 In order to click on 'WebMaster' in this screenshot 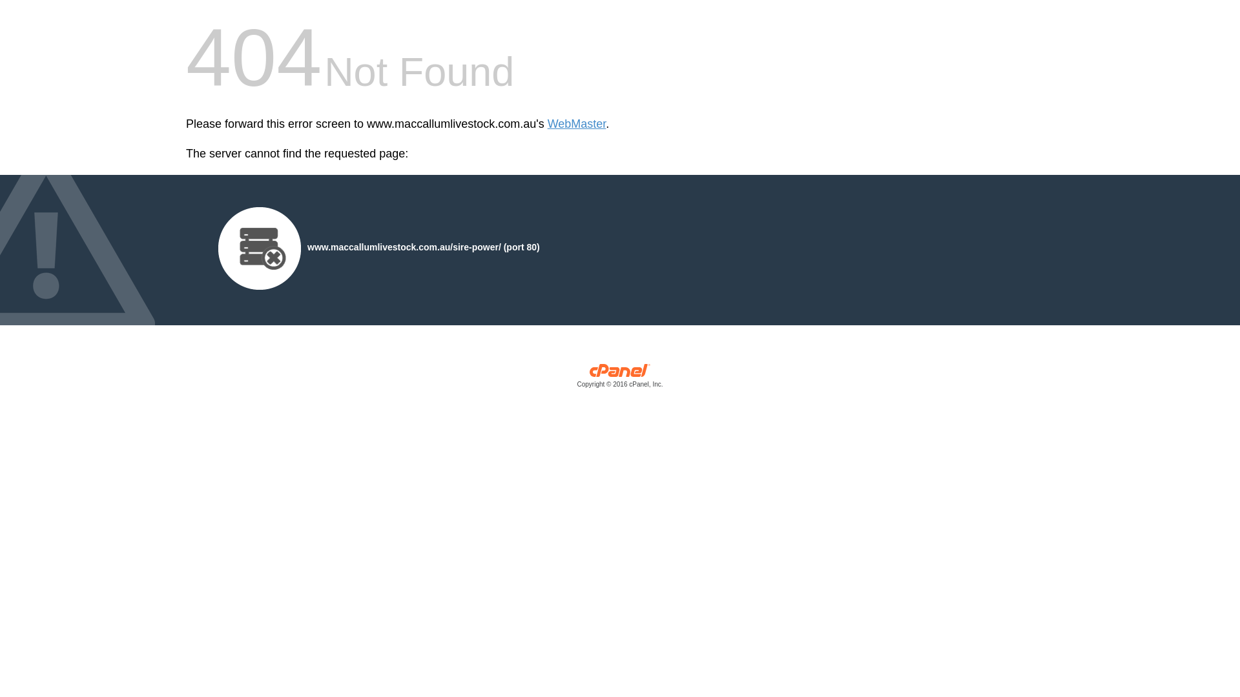, I will do `click(576, 124)`.